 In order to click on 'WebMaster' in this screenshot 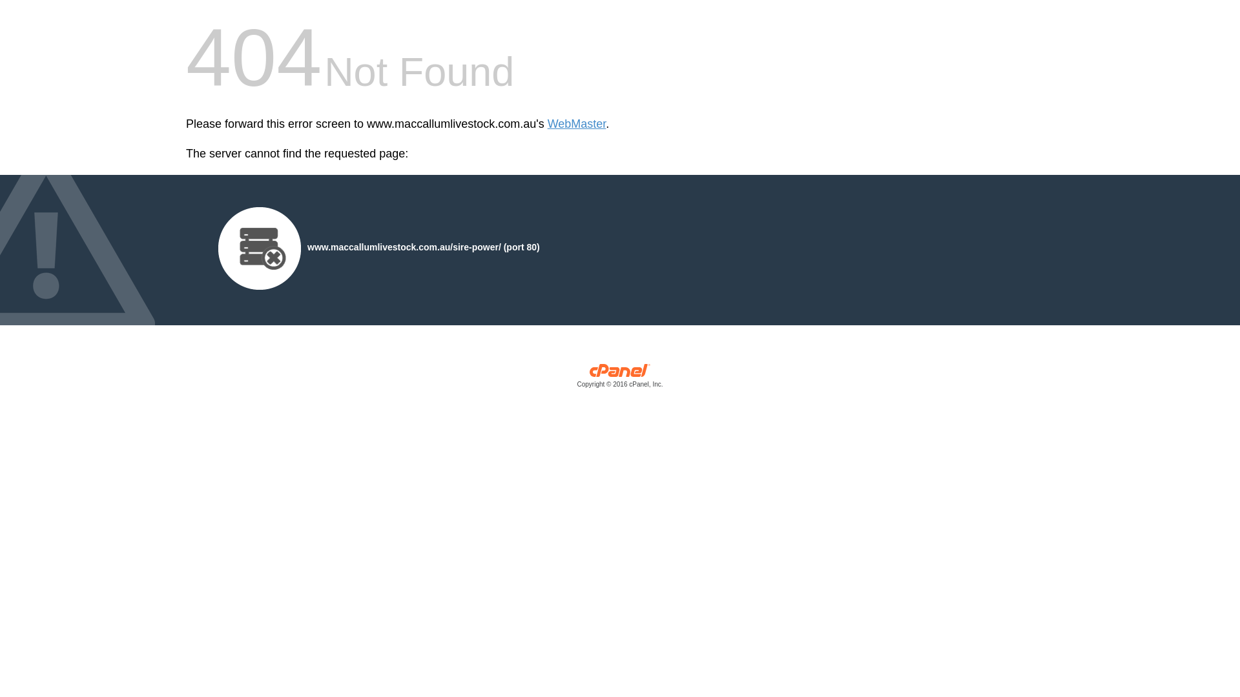, I will do `click(576, 124)`.